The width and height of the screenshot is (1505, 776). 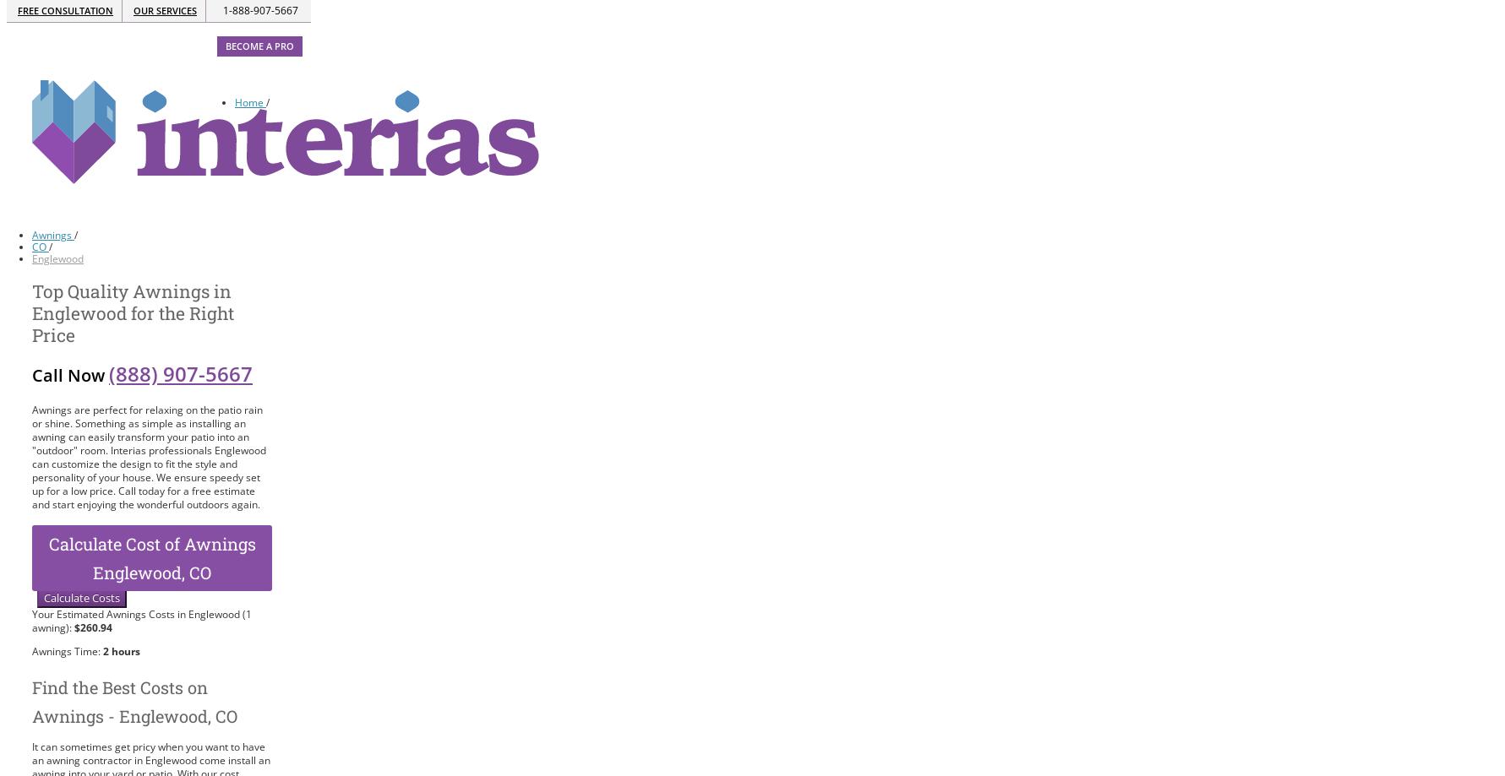 What do you see at coordinates (149, 456) in the screenshot?
I see `'Awnings are perfect for relaxing on the patio rain or shine. Something as simple as installing an awning can easily transform your patio into an "outdoor" room. Interias professionals Englewood can customize the design to fit the style and personality of your house. We ensure speedy set up for a low price. Call today for a free estimate and start enjoying the wonderful outdoors again.'` at bounding box center [149, 456].